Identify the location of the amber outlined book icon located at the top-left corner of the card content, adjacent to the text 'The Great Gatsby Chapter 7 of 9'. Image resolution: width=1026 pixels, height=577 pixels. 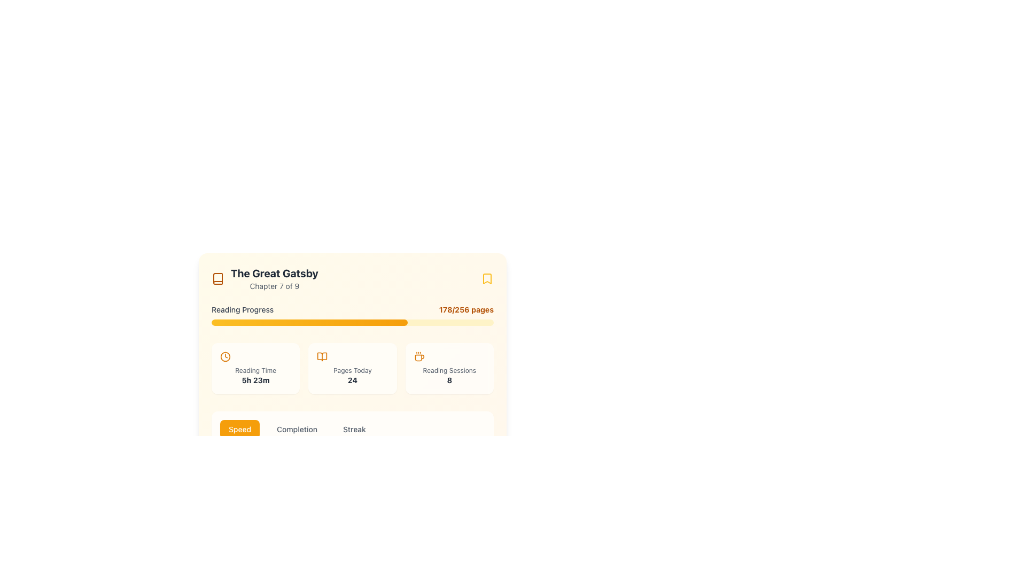
(217, 278).